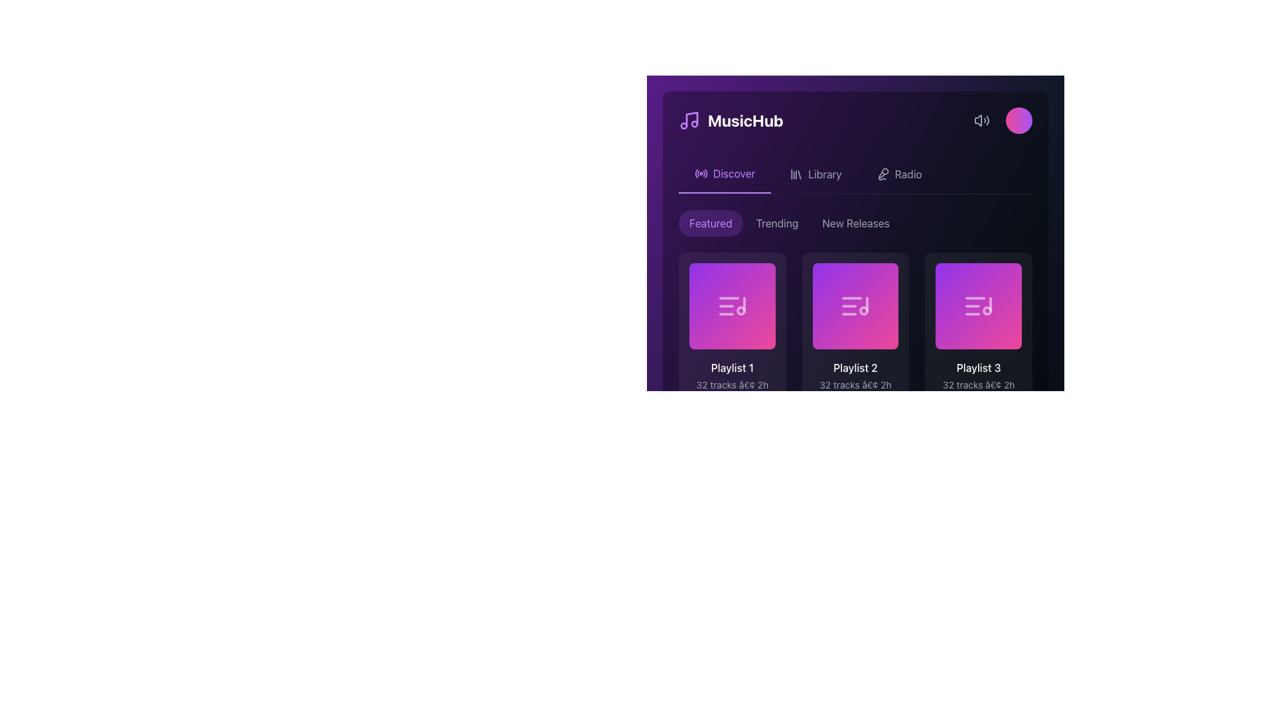  What do you see at coordinates (731, 306) in the screenshot?
I see `the Icon representing the playlist titled 'Playlist 1', which is located at the center of the first card in the row of playlist cards under the 'Featured' section` at bounding box center [731, 306].